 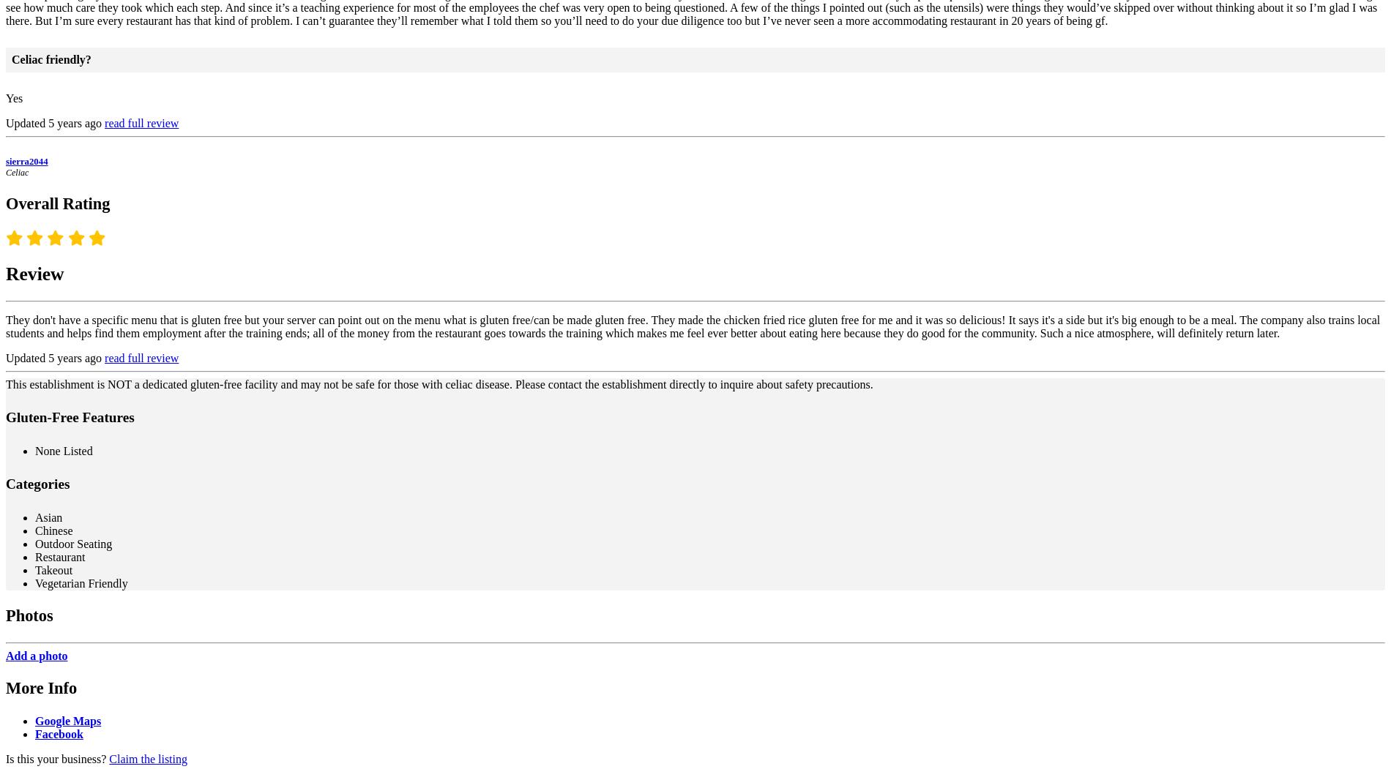 I want to click on 'Restaurant', so click(x=60, y=557).